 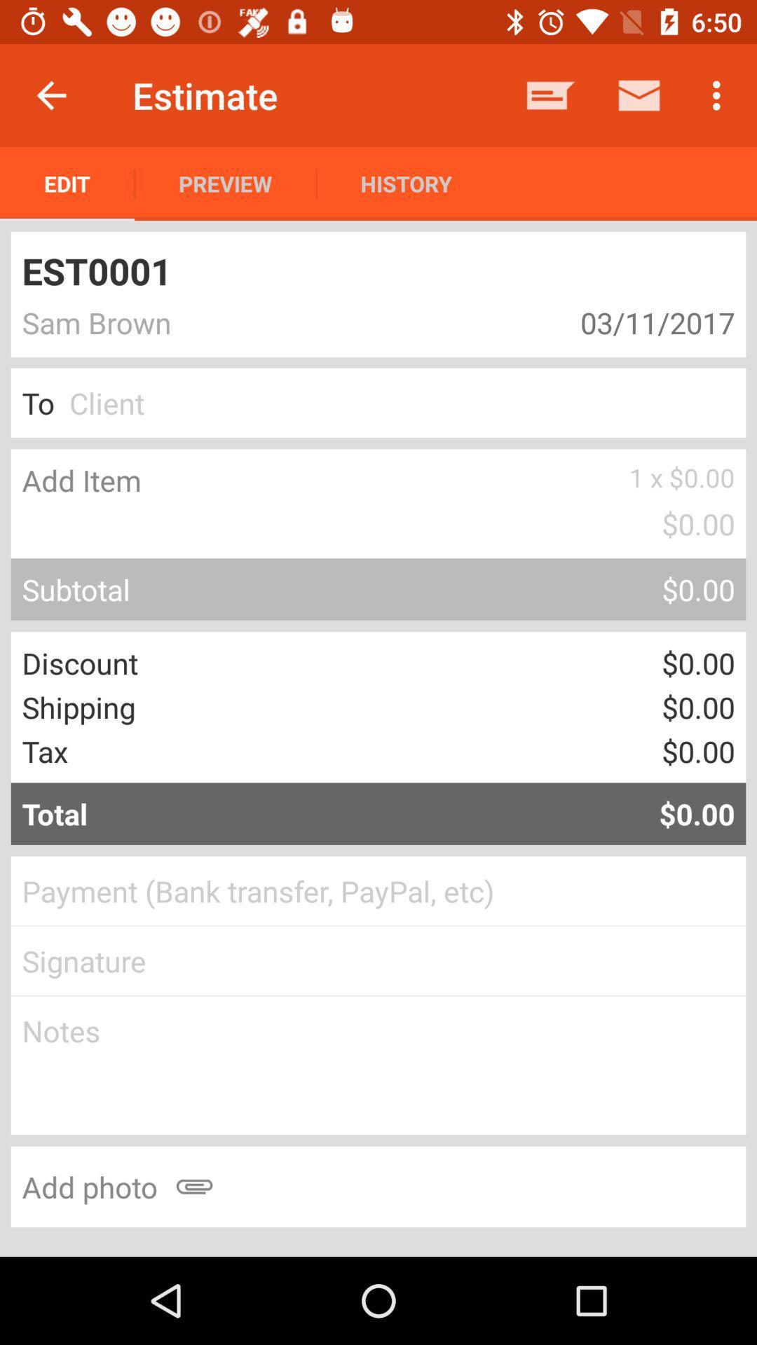 I want to click on the preview icon, so click(x=224, y=183).